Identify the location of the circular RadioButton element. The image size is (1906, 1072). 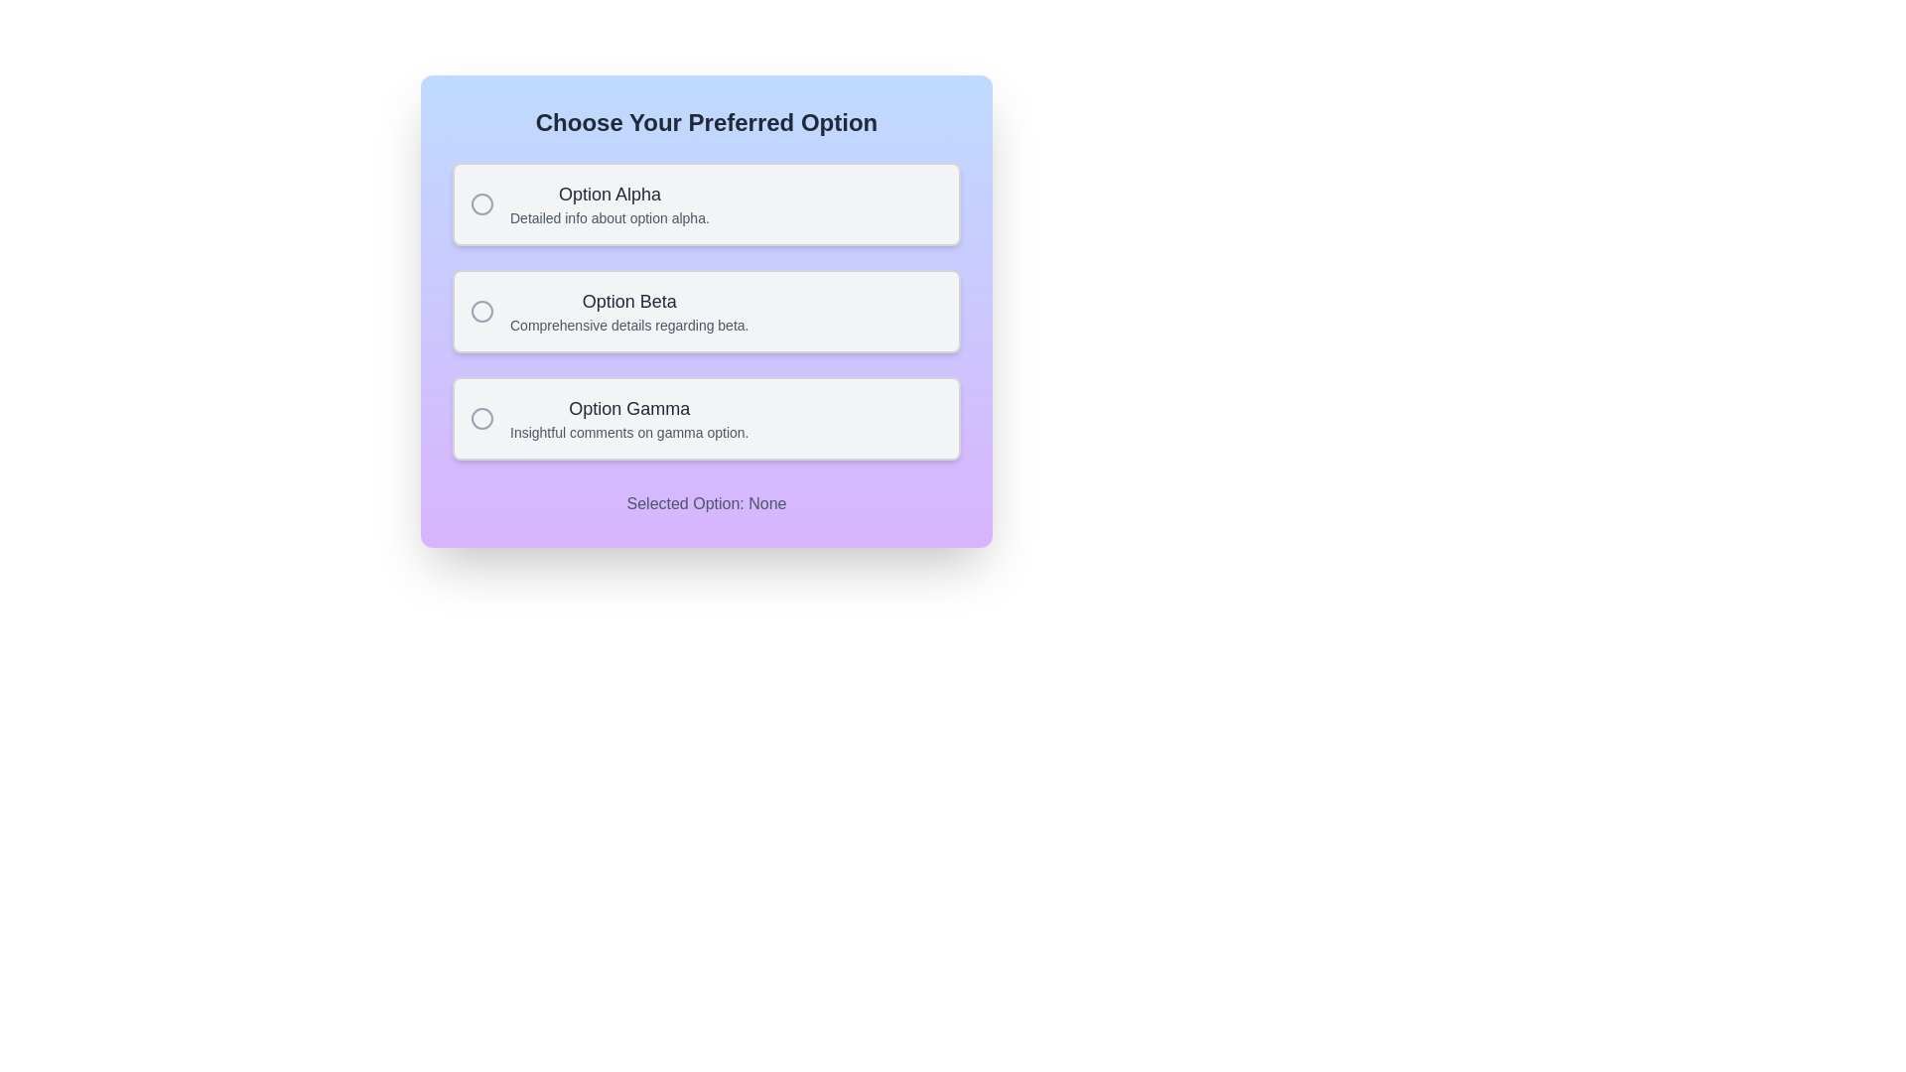
(481, 417).